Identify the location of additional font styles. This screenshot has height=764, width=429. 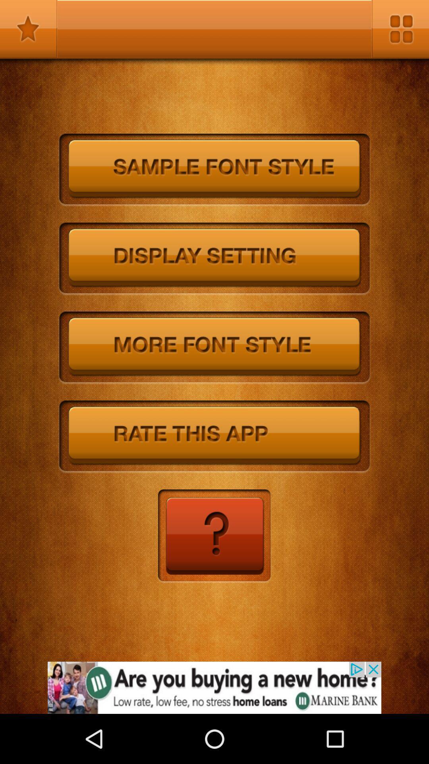
(214, 348).